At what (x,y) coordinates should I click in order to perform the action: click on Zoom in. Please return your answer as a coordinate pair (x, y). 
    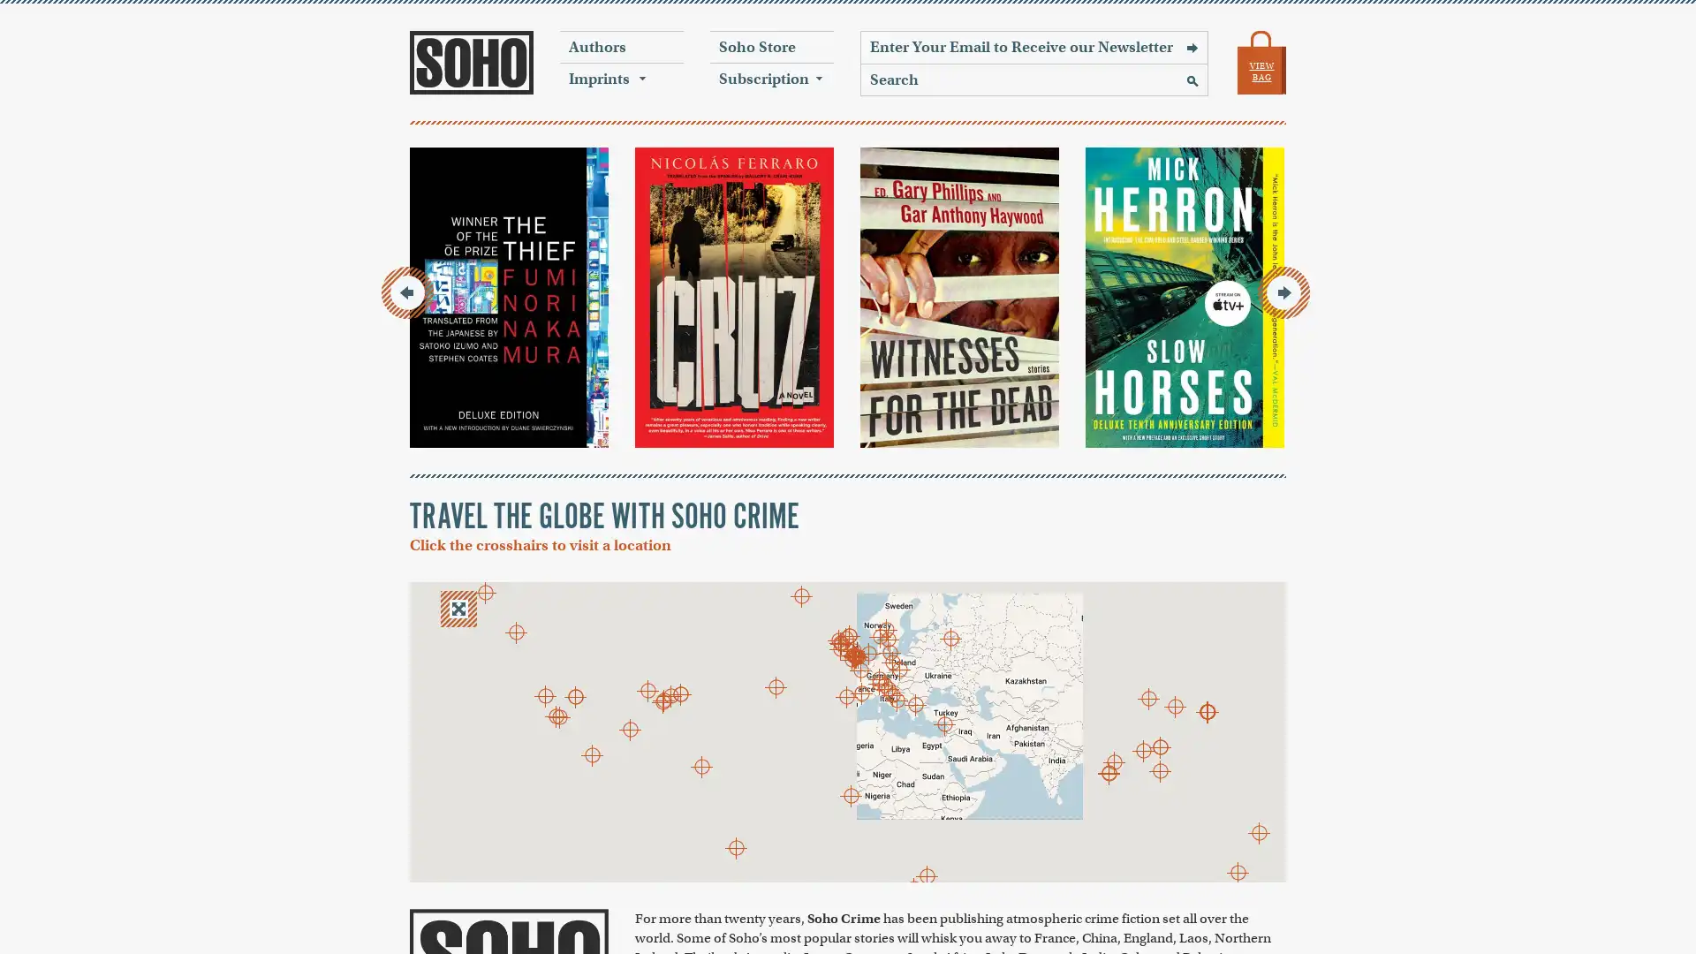
    Looking at the image, I should click on (1258, 806).